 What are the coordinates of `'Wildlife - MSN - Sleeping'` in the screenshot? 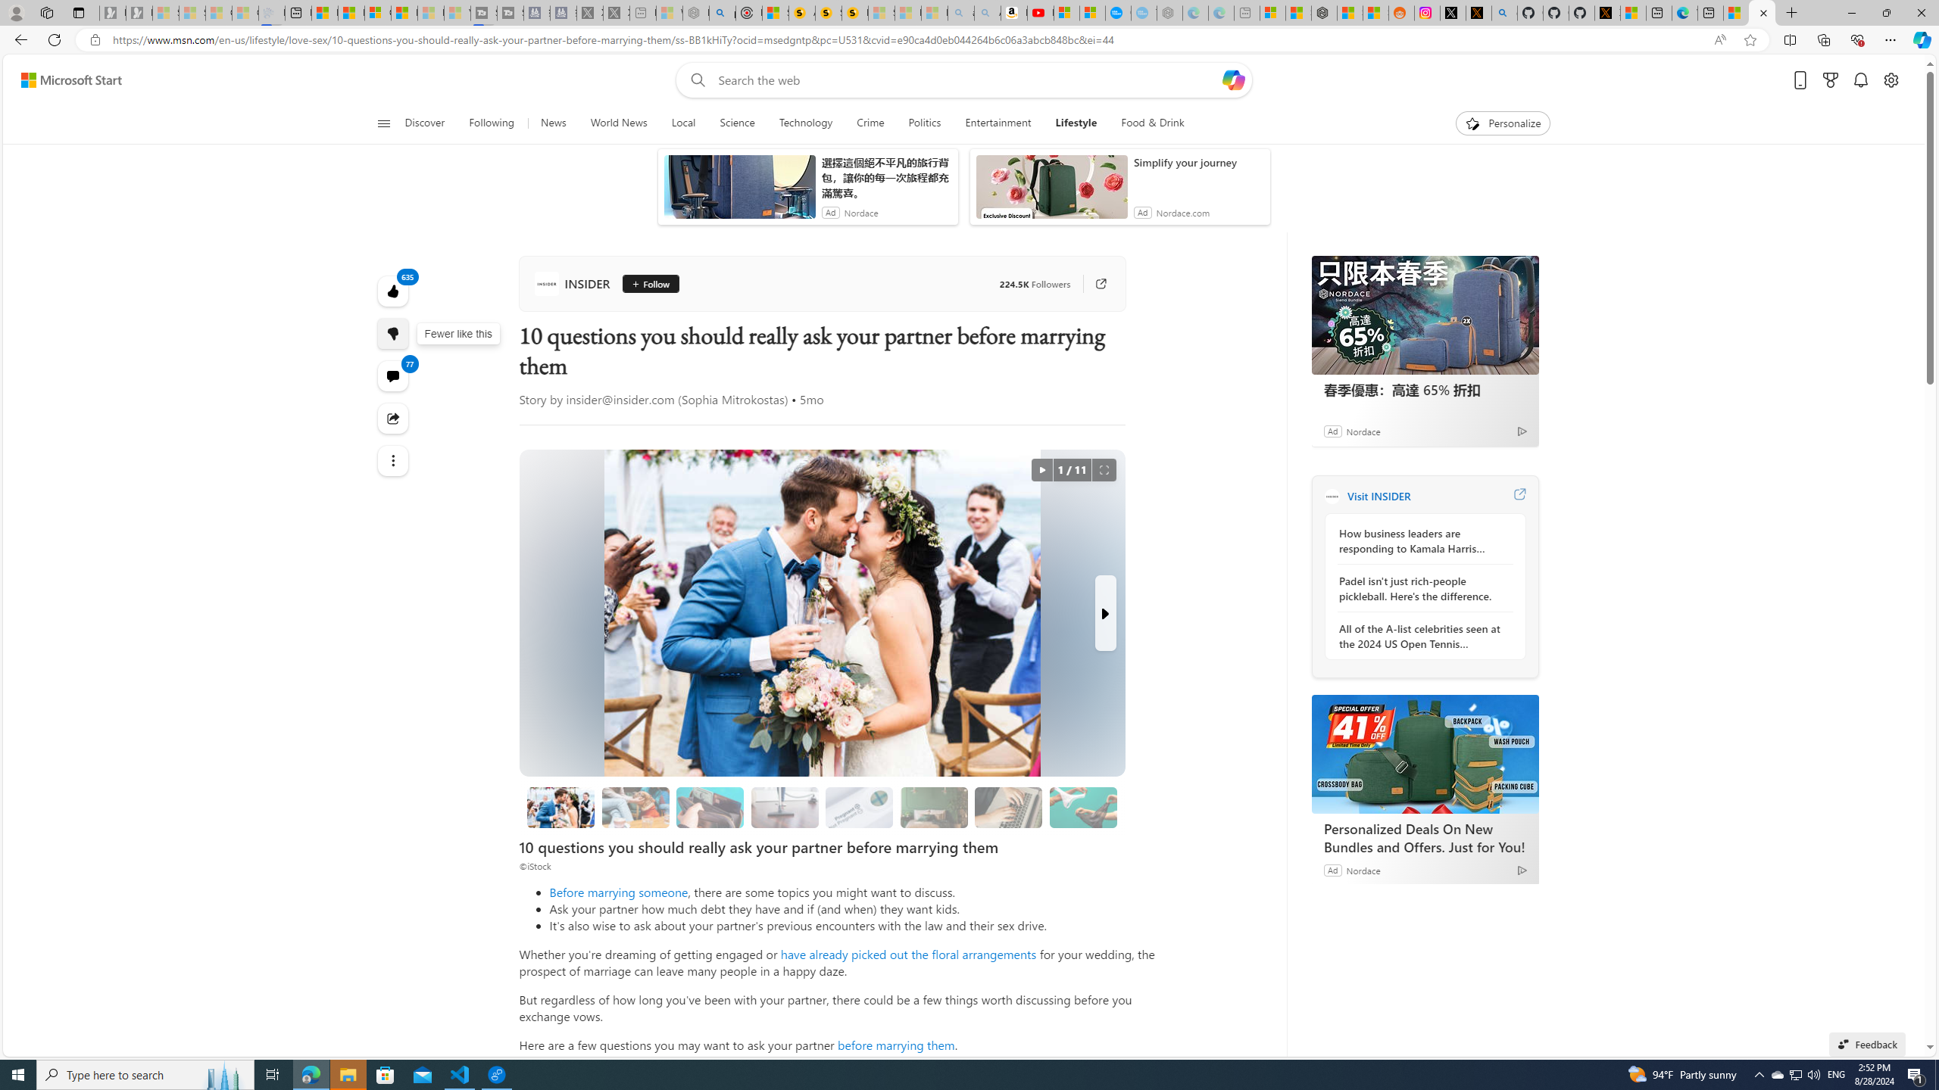 It's located at (668, 12).